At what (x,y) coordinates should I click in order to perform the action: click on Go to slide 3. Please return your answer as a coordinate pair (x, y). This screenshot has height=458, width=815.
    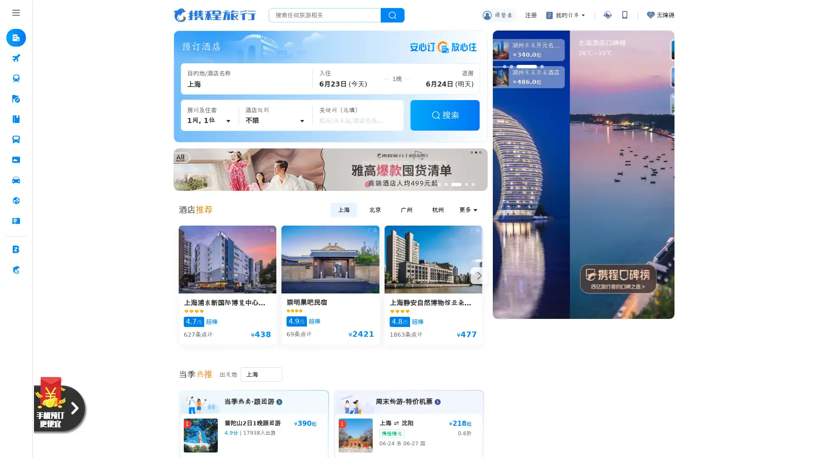
    Looking at the image, I should click on (517, 66).